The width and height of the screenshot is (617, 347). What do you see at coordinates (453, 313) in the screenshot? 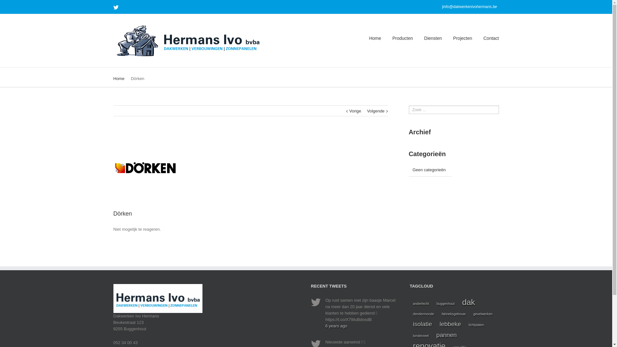
I see `'fabrieksgebouw'` at bounding box center [453, 313].